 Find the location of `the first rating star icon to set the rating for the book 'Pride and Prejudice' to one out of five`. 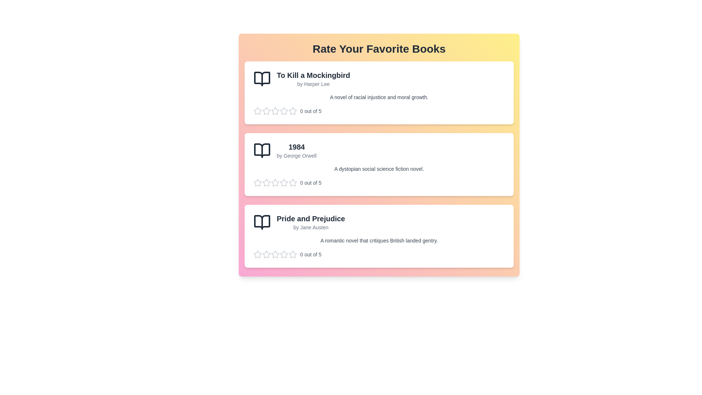

the first rating star icon to set the rating for the book 'Pride and Prejudice' to one out of five is located at coordinates (266, 254).